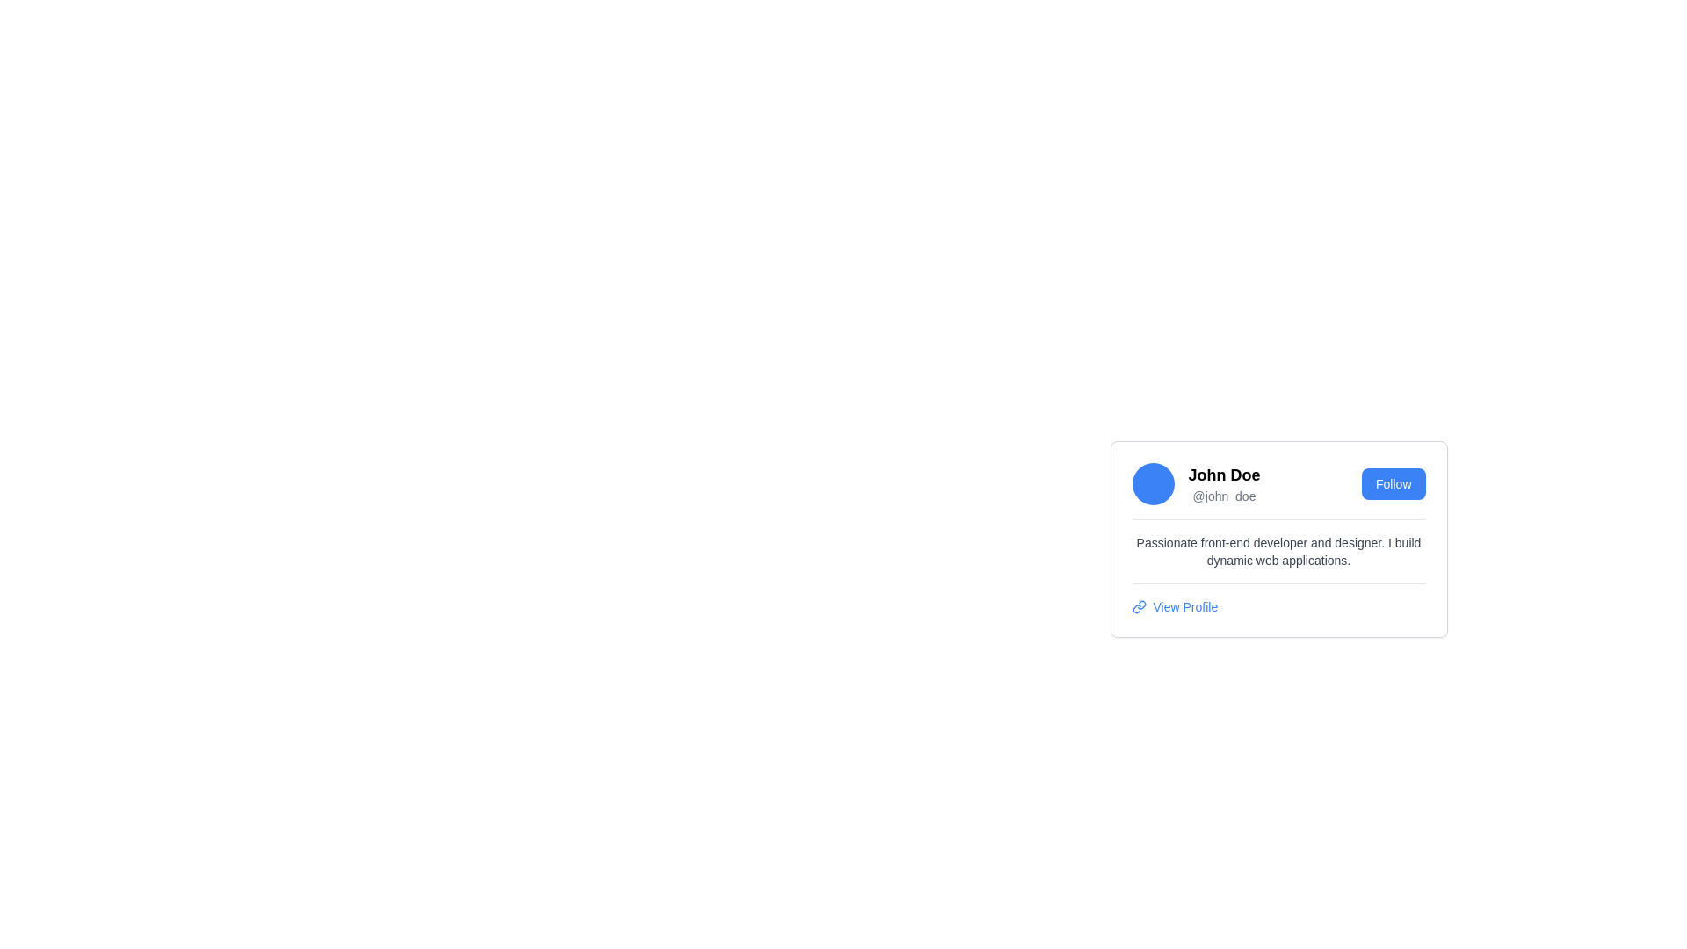  What do you see at coordinates (1136, 608) in the screenshot?
I see `the bottom section of the chain link icon within the SVG graphic, which emphasizes the hyperlink for 'View Profile'` at bounding box center [1136, 608].